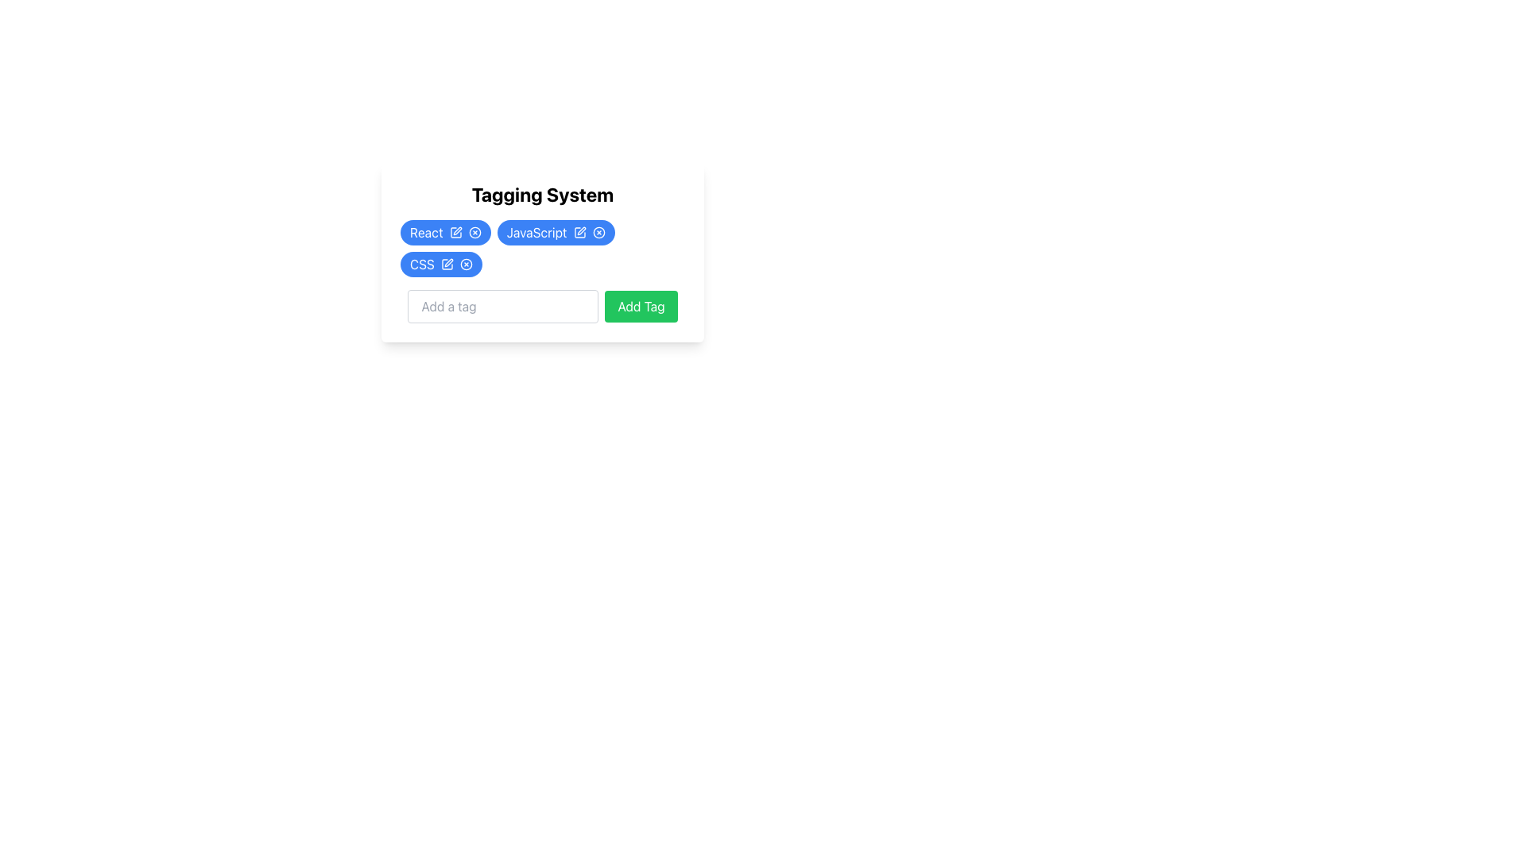 This screenshot has height=858, width=1526. I want to click on the edit icon next to the 'CSS' tag to initiate editing, so click(447, 262).